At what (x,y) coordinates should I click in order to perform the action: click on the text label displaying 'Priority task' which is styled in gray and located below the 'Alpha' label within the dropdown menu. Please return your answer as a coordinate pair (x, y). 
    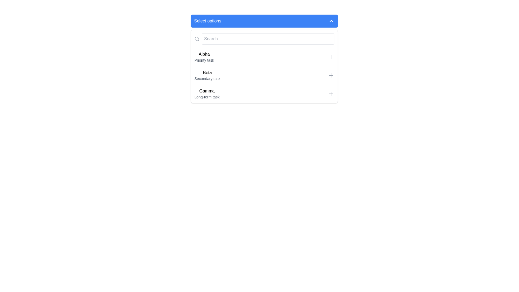
    Looking at the image, I should click on (204, 60).